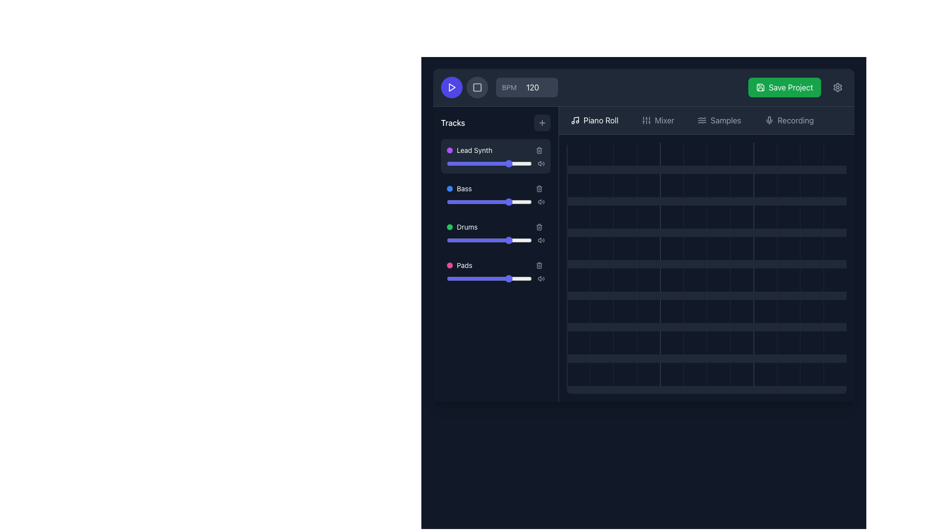  Describe the element at coordinates (451, 87) in the screenshot. I see `the triangular play icon in the upper-left corner of the interface to initiate playback` at that location.